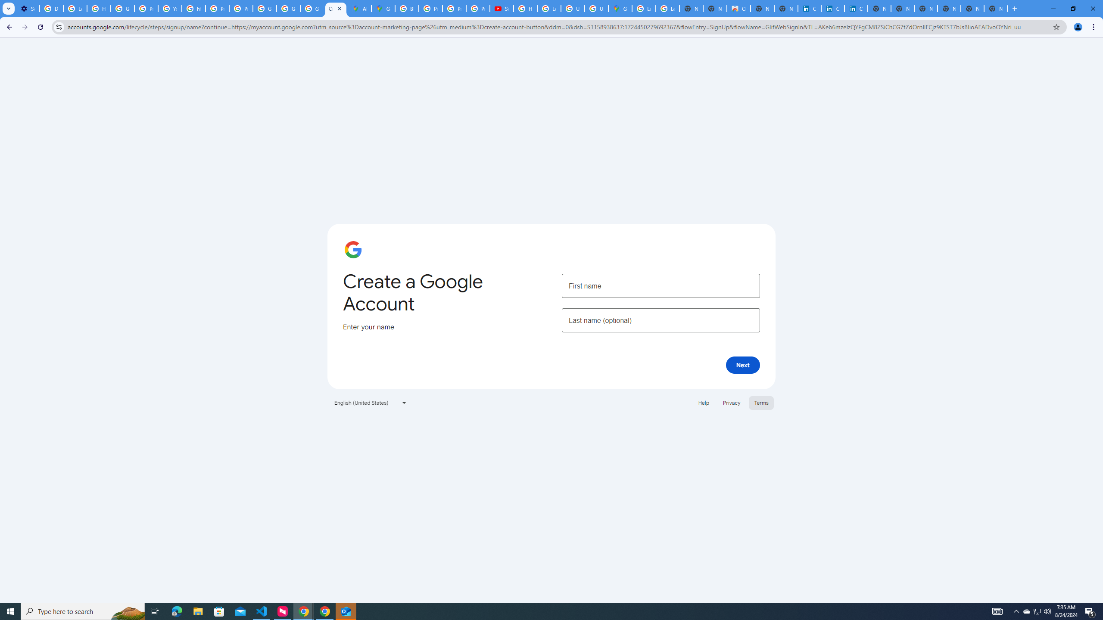 The width and height of the screenshot is (1103, 620). I want to click on 'Privacy Help Center - Policies Help', so click(430, 8).